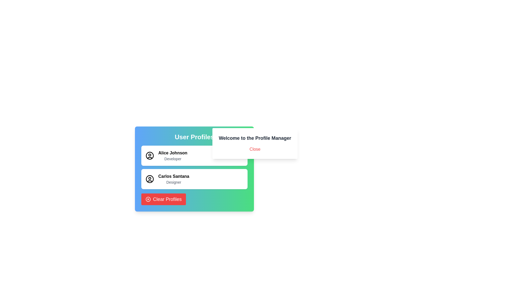 The image size is (510, 287). What do you see at coordinates (194, 179) in the screenshot?
I see `user information from the Profile Card displaying 'Carlos Santana' and 'Designer', which is the second user profile card in the list` at bounding box center [194, 179].